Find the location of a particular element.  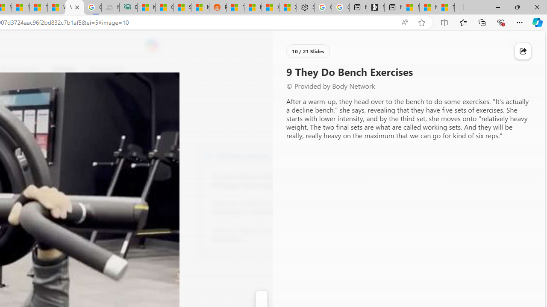

'Microsoft Start Gaming' is located at coordinates (375, 7).